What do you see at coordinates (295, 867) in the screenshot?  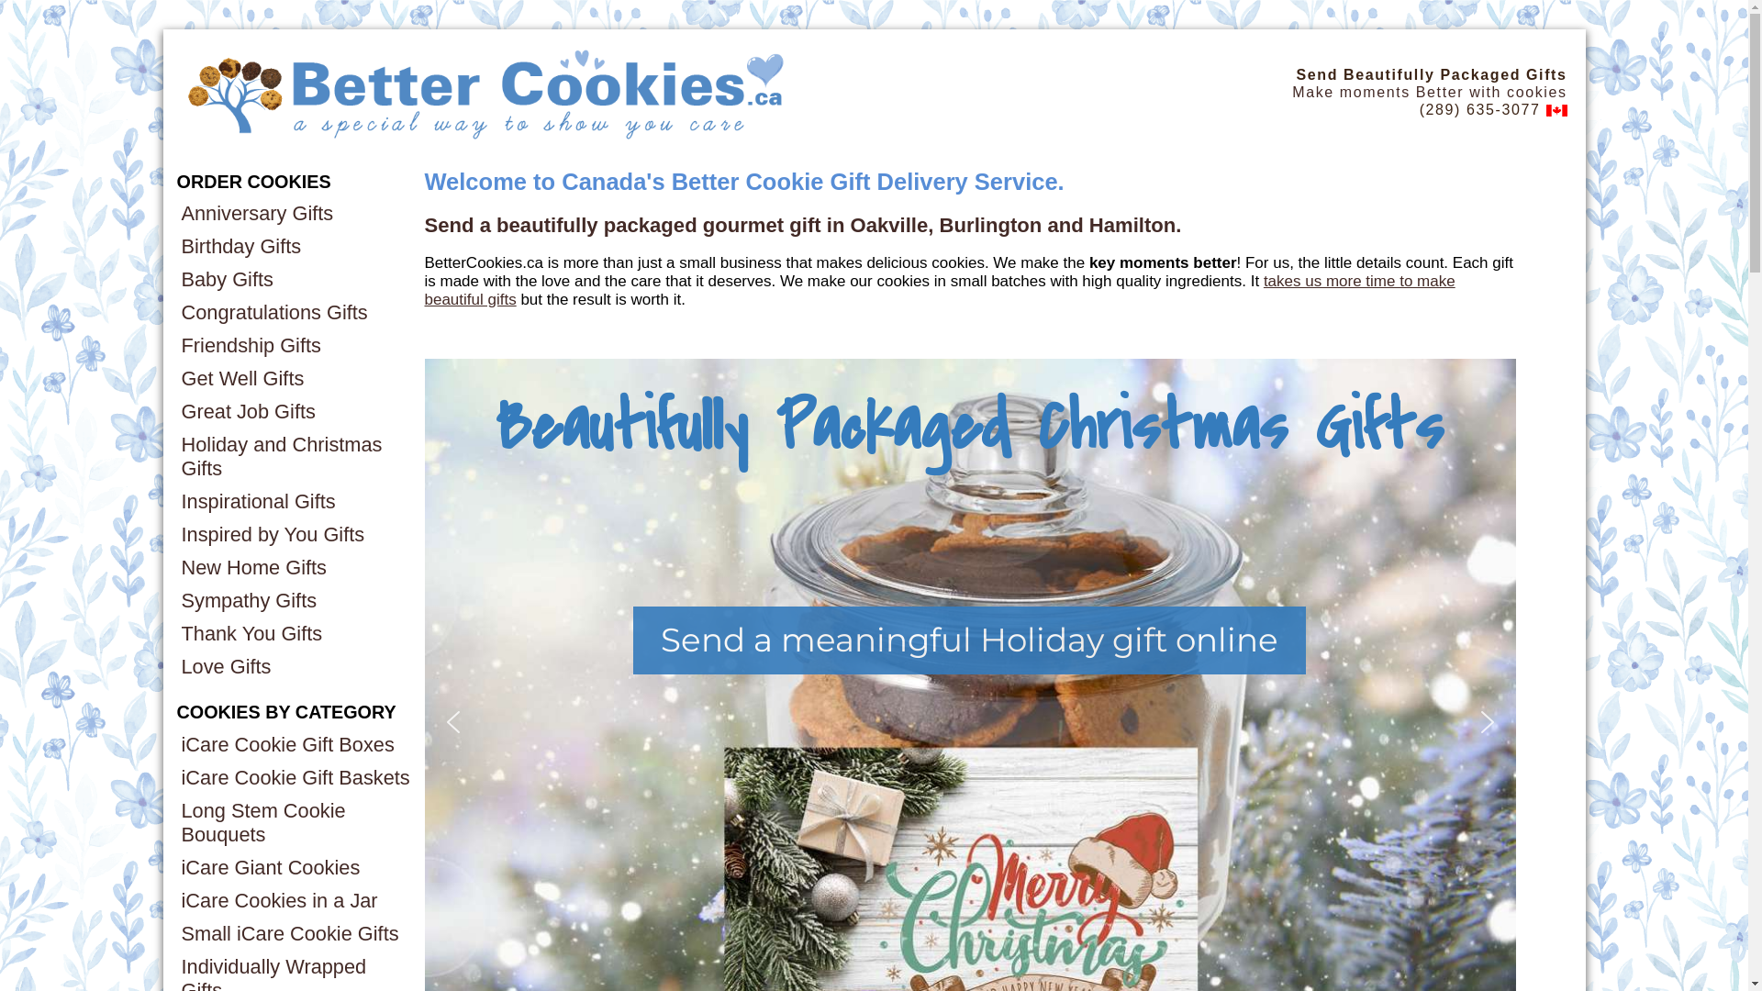 I see `'iCare Giant Cookies'` at bounding box center [295, 867].